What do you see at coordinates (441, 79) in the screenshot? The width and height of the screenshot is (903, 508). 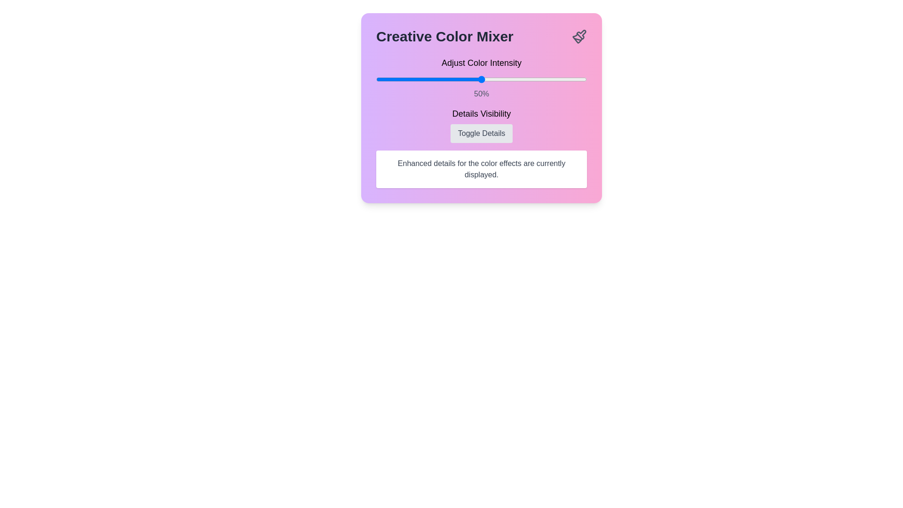 I see `the color intensity` at bounding box center [441, 79].